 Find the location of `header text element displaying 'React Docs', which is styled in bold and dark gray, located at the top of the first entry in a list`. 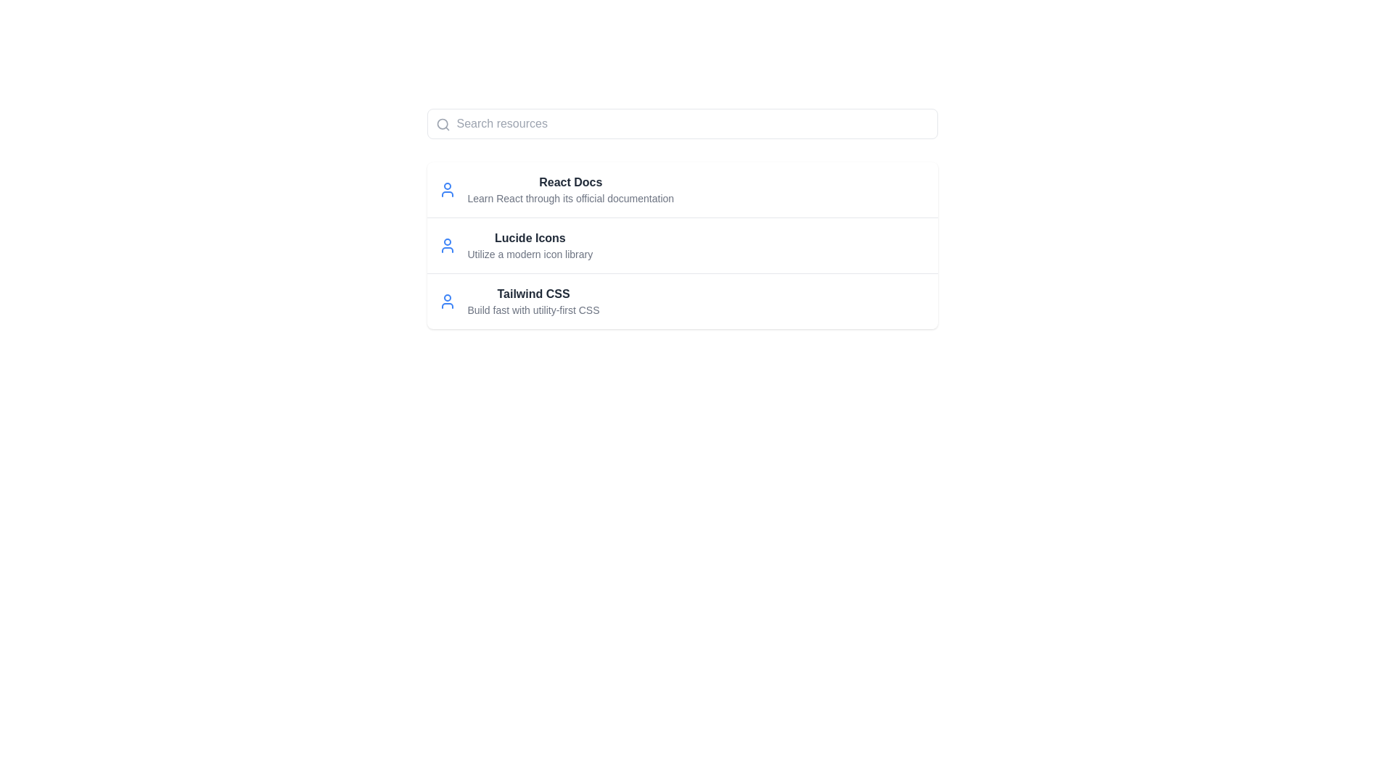

header text element displaying 'React Docs', which is styled in bold and dark gray, located at the top of the first entry in a list is located at coordinates (570, 181).